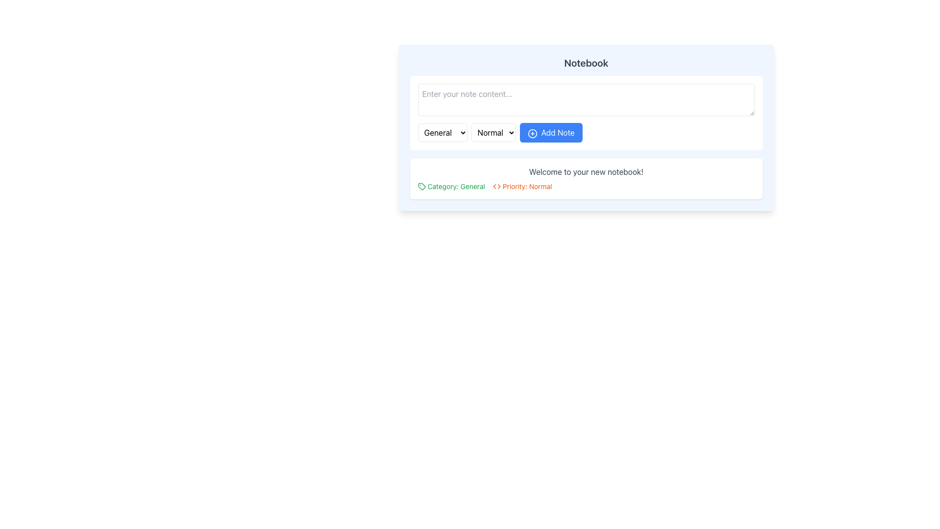  Describe the element at coordinates (586, 171) in the screenshot. I see `text content of the Text Display that says 'Welcome to your new notebook!', which is styled in gray color and located in a white rounded box centered in the lower half of the visible card component` at that location.